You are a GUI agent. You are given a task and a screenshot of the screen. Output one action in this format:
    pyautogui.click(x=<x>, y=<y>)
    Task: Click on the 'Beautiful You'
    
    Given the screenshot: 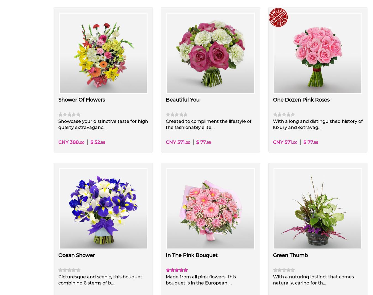 What is the action you would take?
    pyautogui.click(x=165, y=100)
    